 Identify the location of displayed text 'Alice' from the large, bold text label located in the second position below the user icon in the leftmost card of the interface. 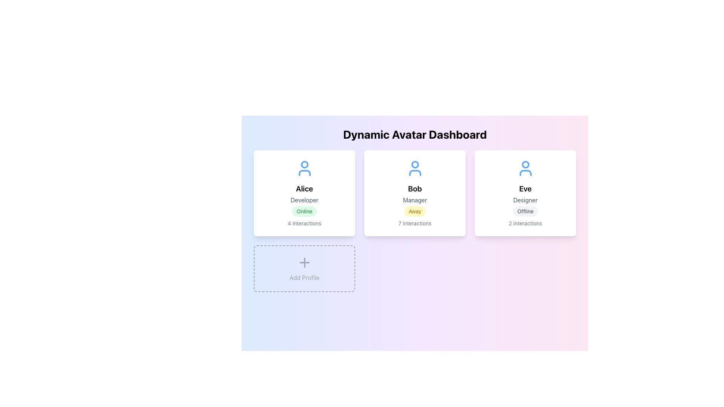
(304, 188).